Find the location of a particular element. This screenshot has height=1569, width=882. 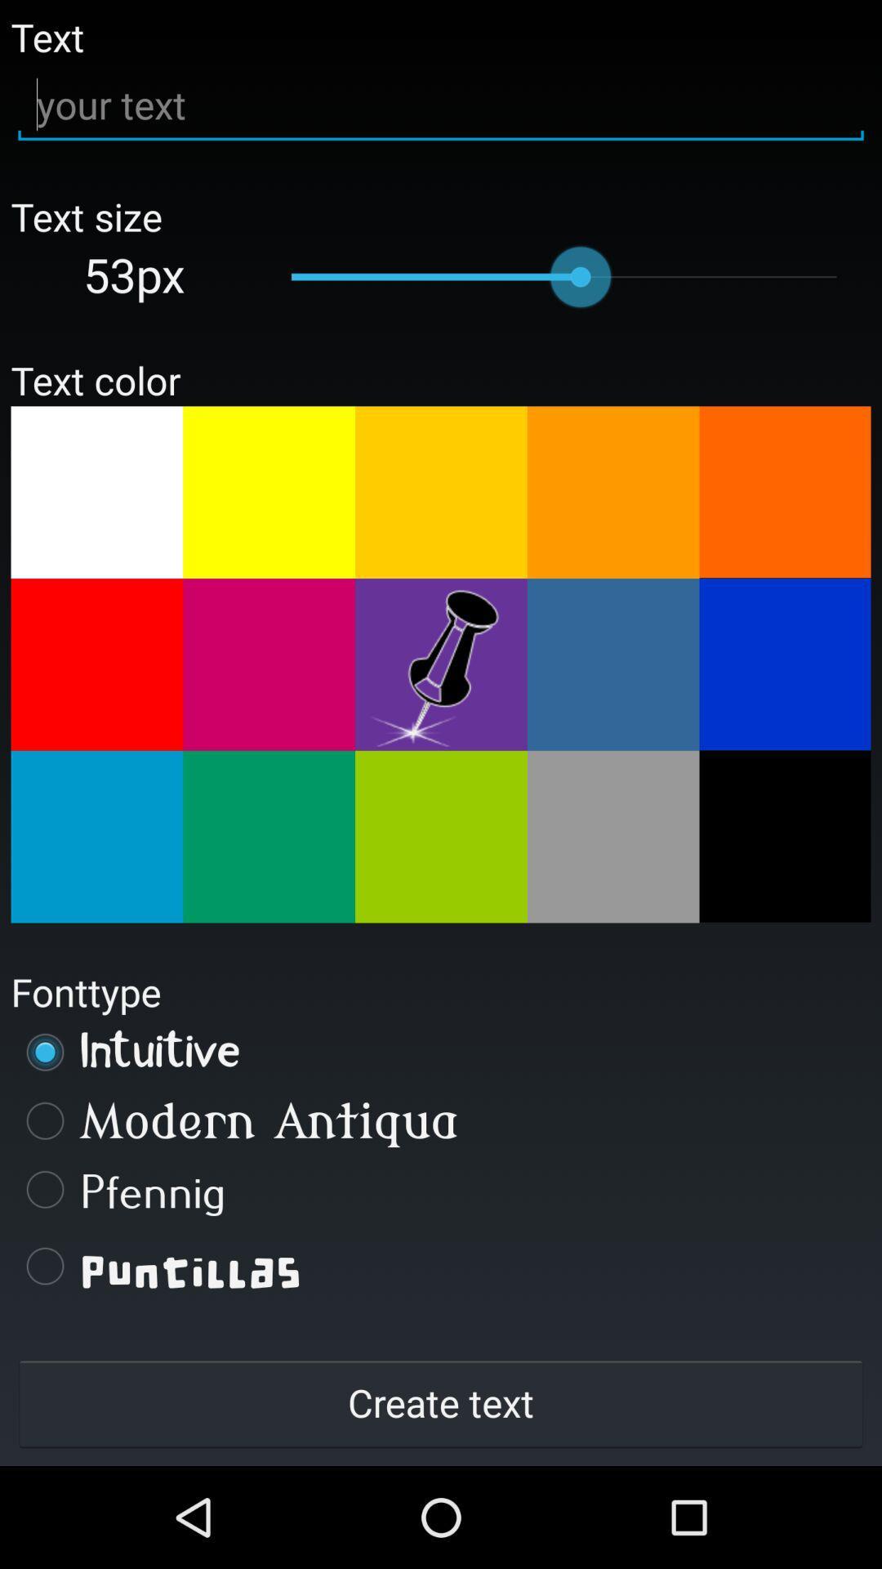

create text button is located at coordinates (441, 1401).